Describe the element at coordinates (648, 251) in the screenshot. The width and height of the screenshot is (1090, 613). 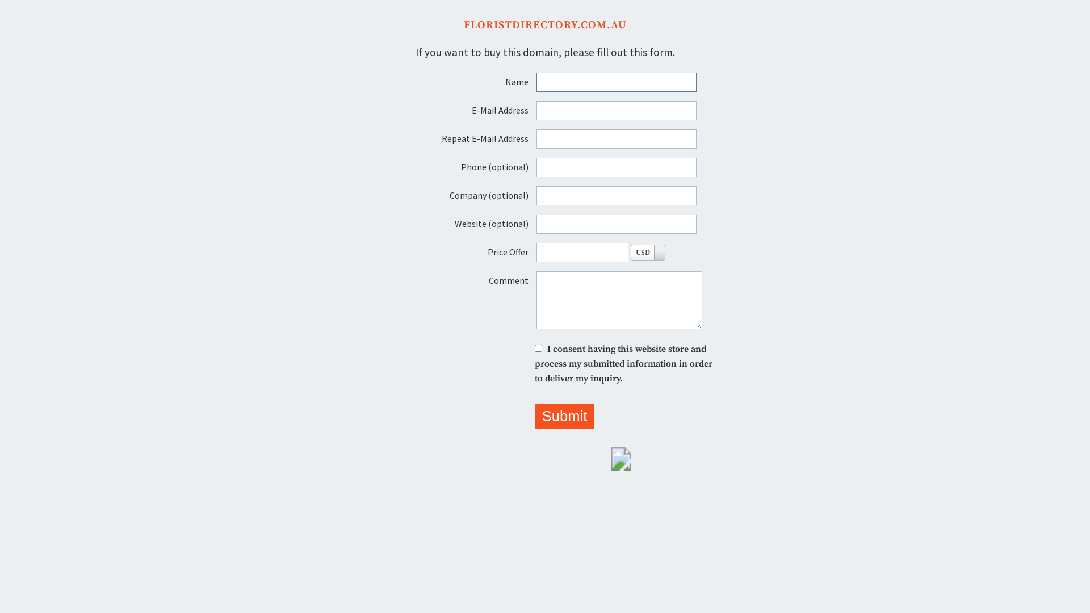
I see `'USD'` at that location.